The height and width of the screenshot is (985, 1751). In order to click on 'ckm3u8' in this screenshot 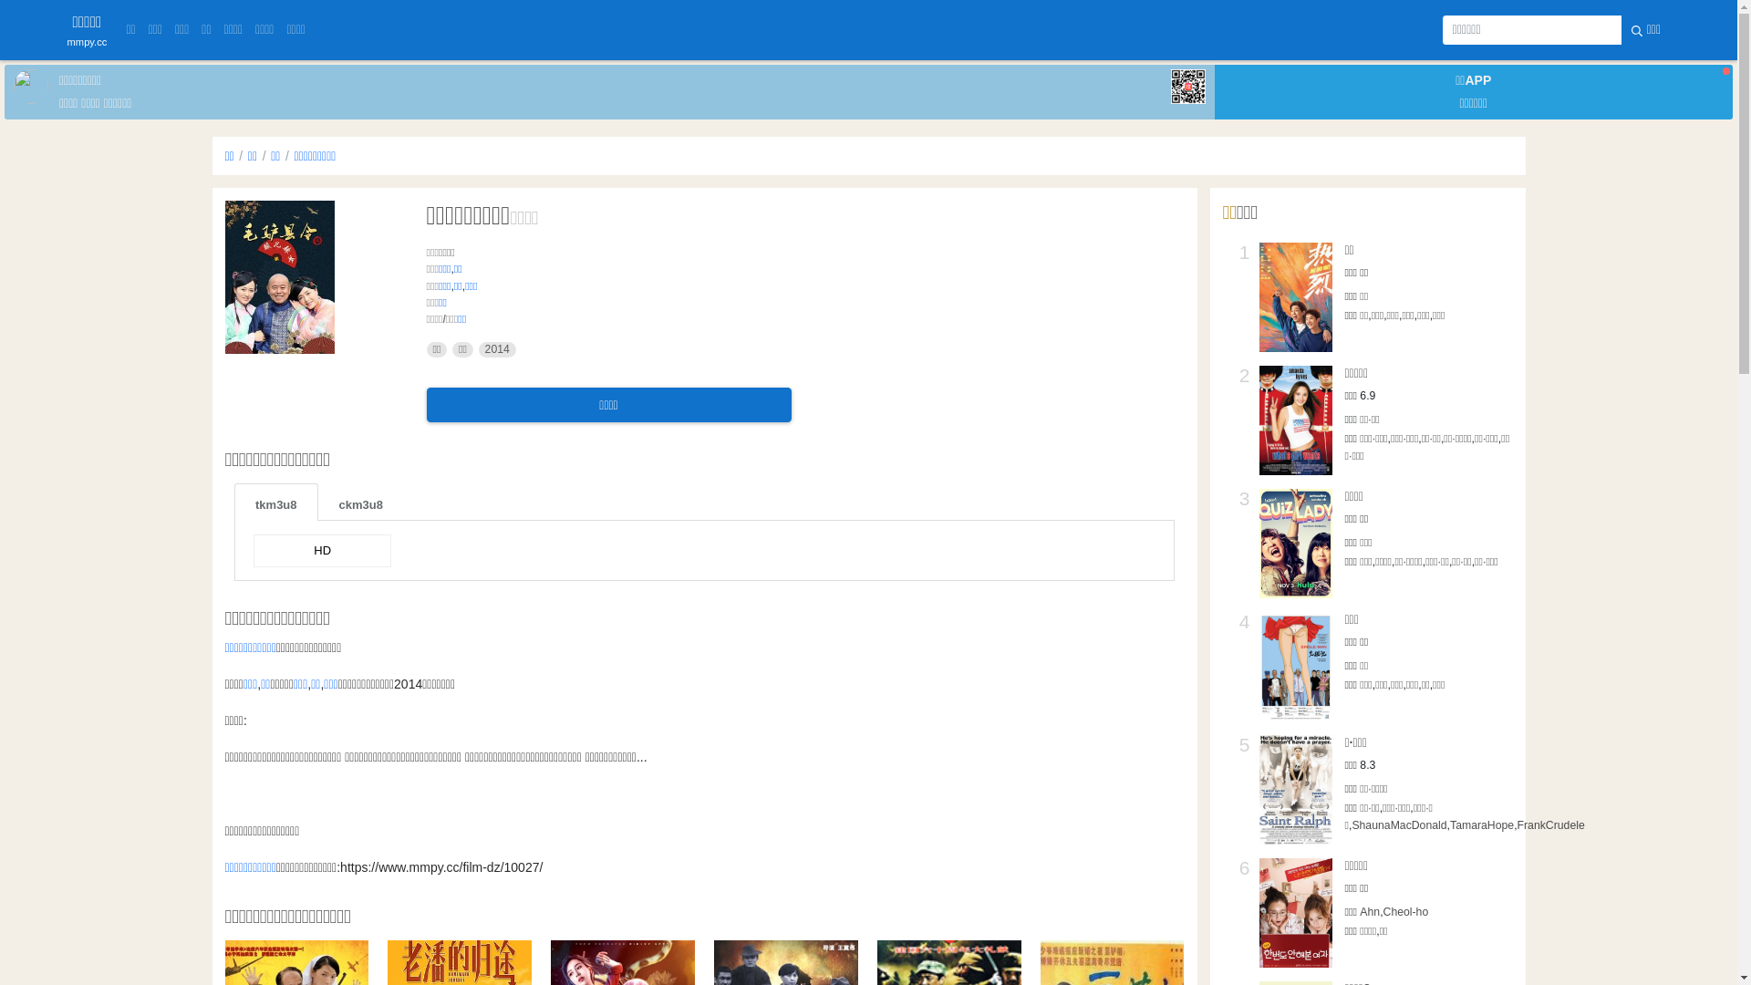, I will do `click(360, 502)`.